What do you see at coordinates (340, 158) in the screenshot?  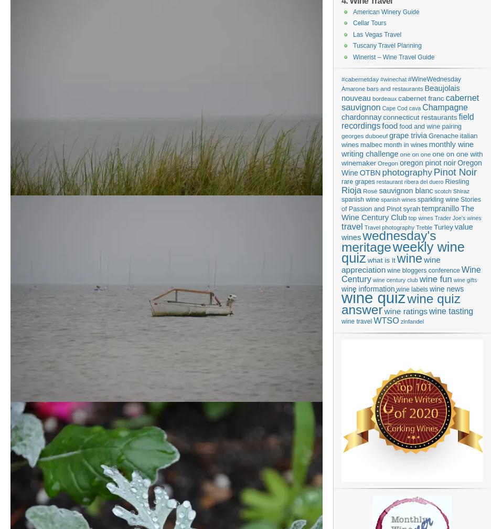 I see `'one on one with winemaker'` at bounding box center [340, 158].